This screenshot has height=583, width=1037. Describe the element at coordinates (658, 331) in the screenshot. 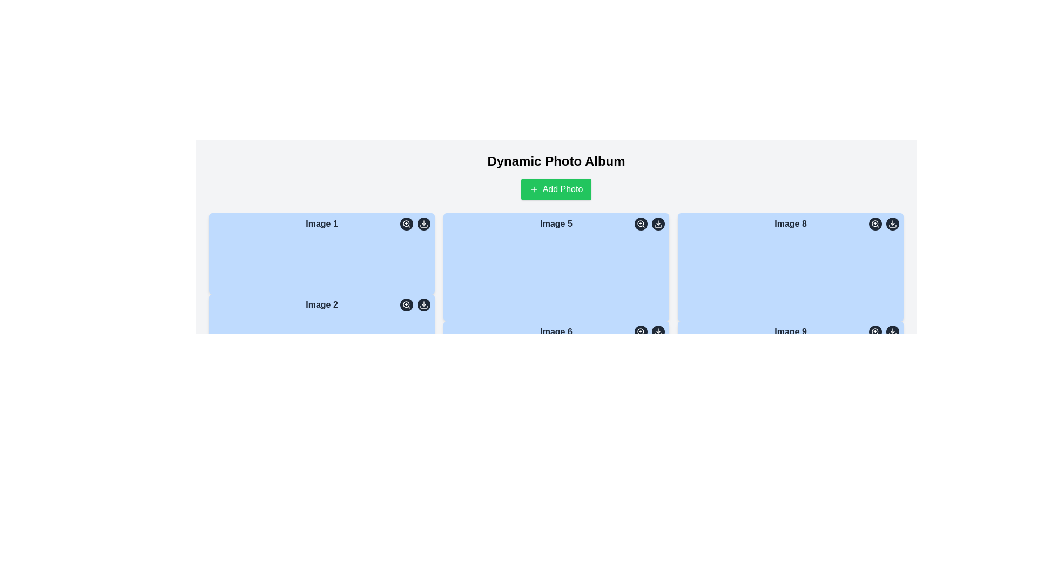

I see `the download icon button at the bottom-right corner of the blue card labeled 'Image 6' to initiate the download` at that location.